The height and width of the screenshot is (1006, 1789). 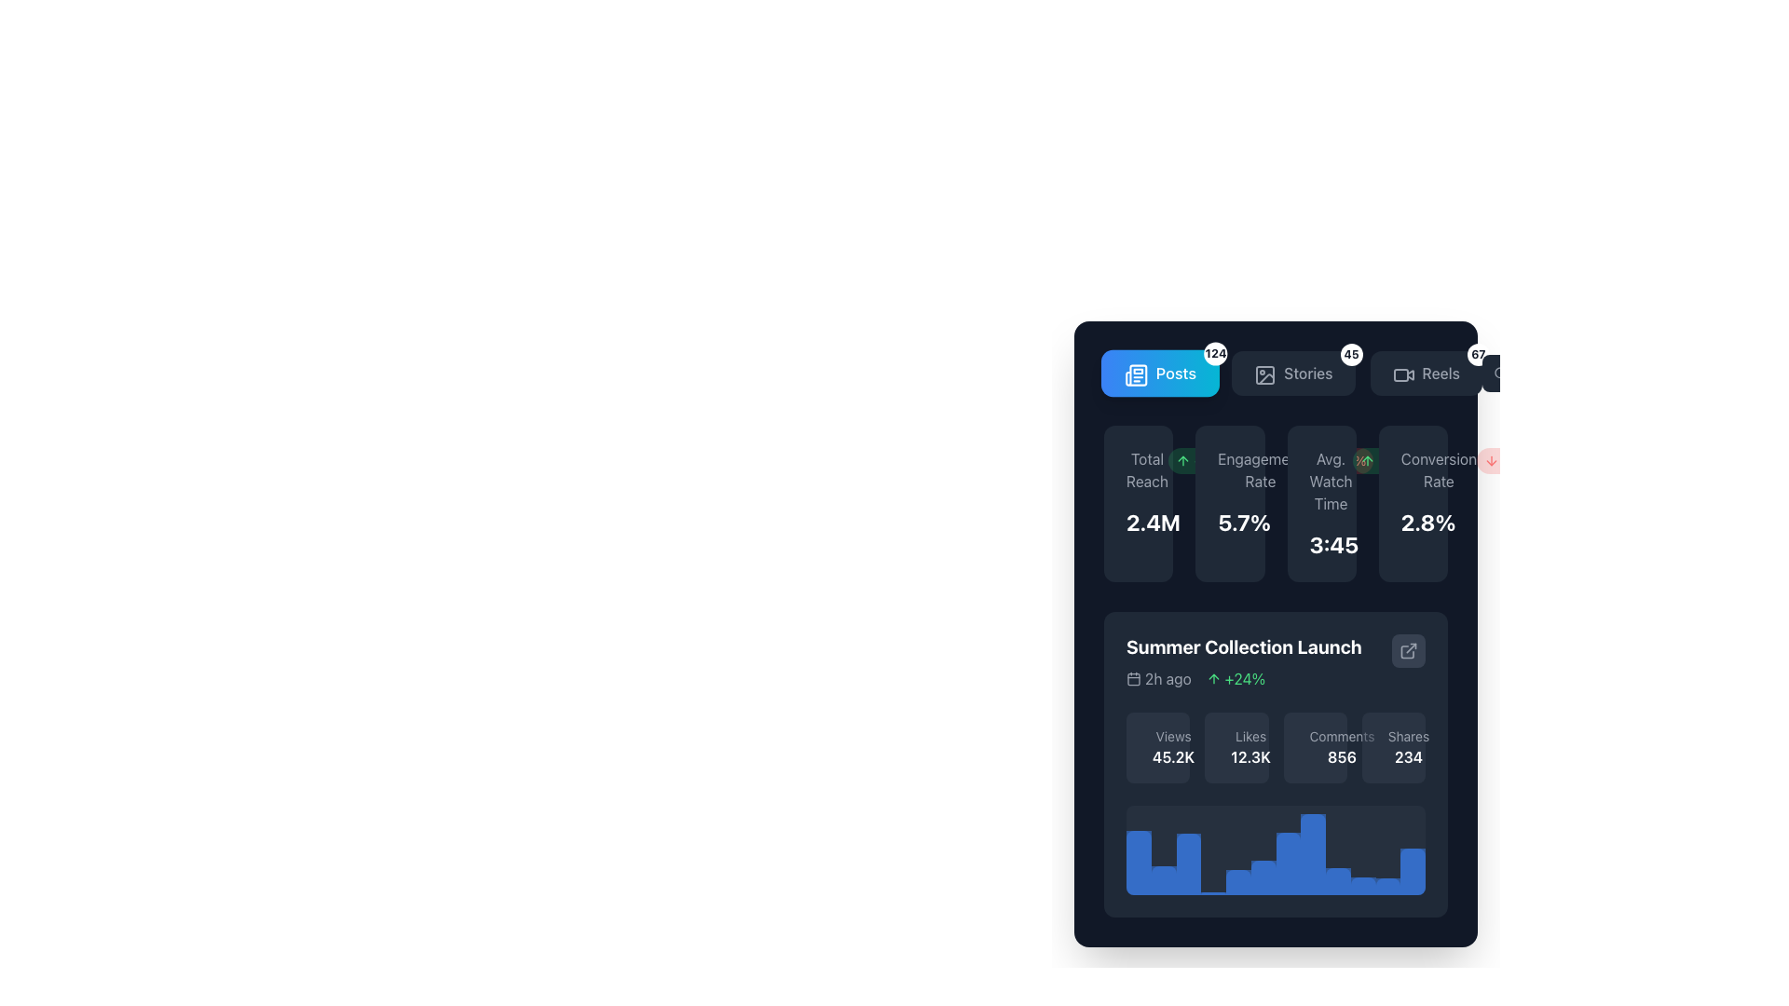 What do you see at coordinates (1287, 863) in the screenshot?
I see `the seventh vertical bar in the histogram section of the 'Summer Collection Launch' widget to interact with it and possibly view more details` at bounding box center [1287, 863].